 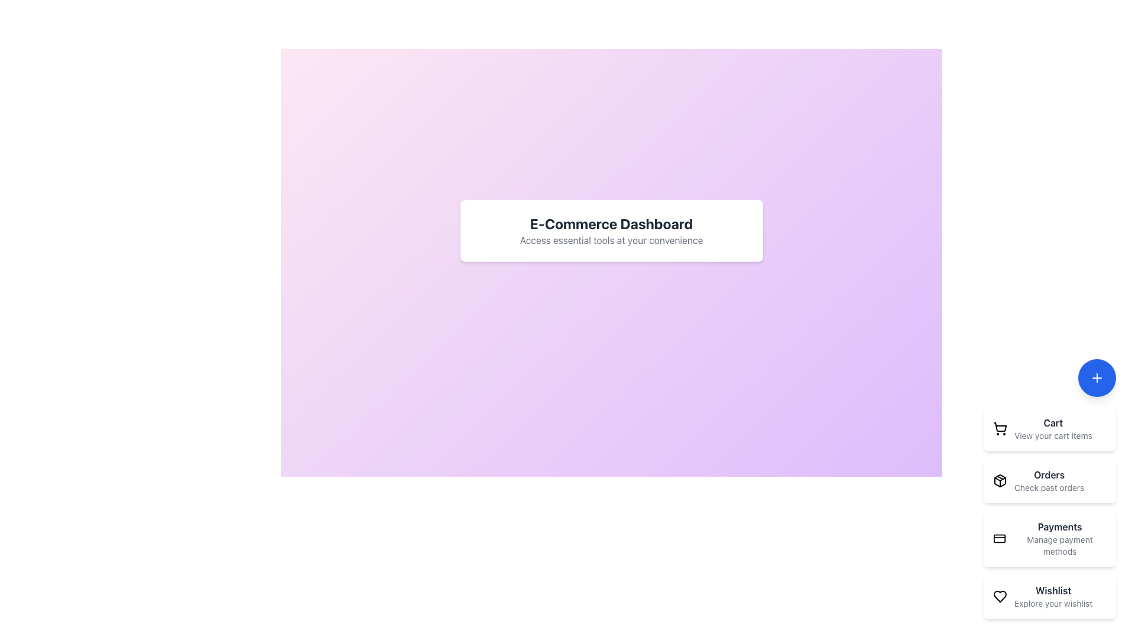 What do you see at coordinates (1049, 487) in the screenshot?
I see `the descriptive text label located below the 'Orders' entry in the right-hand vertical menu, which provides additional information about interacting with 'Orders'` at bounding box center [1049, 487].